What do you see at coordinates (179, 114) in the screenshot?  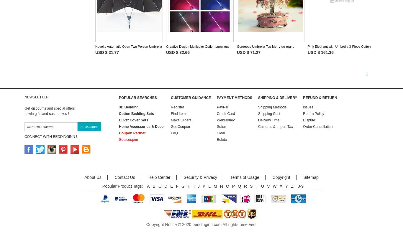 I see `'Find Items'` at bounding box center [179, 114].